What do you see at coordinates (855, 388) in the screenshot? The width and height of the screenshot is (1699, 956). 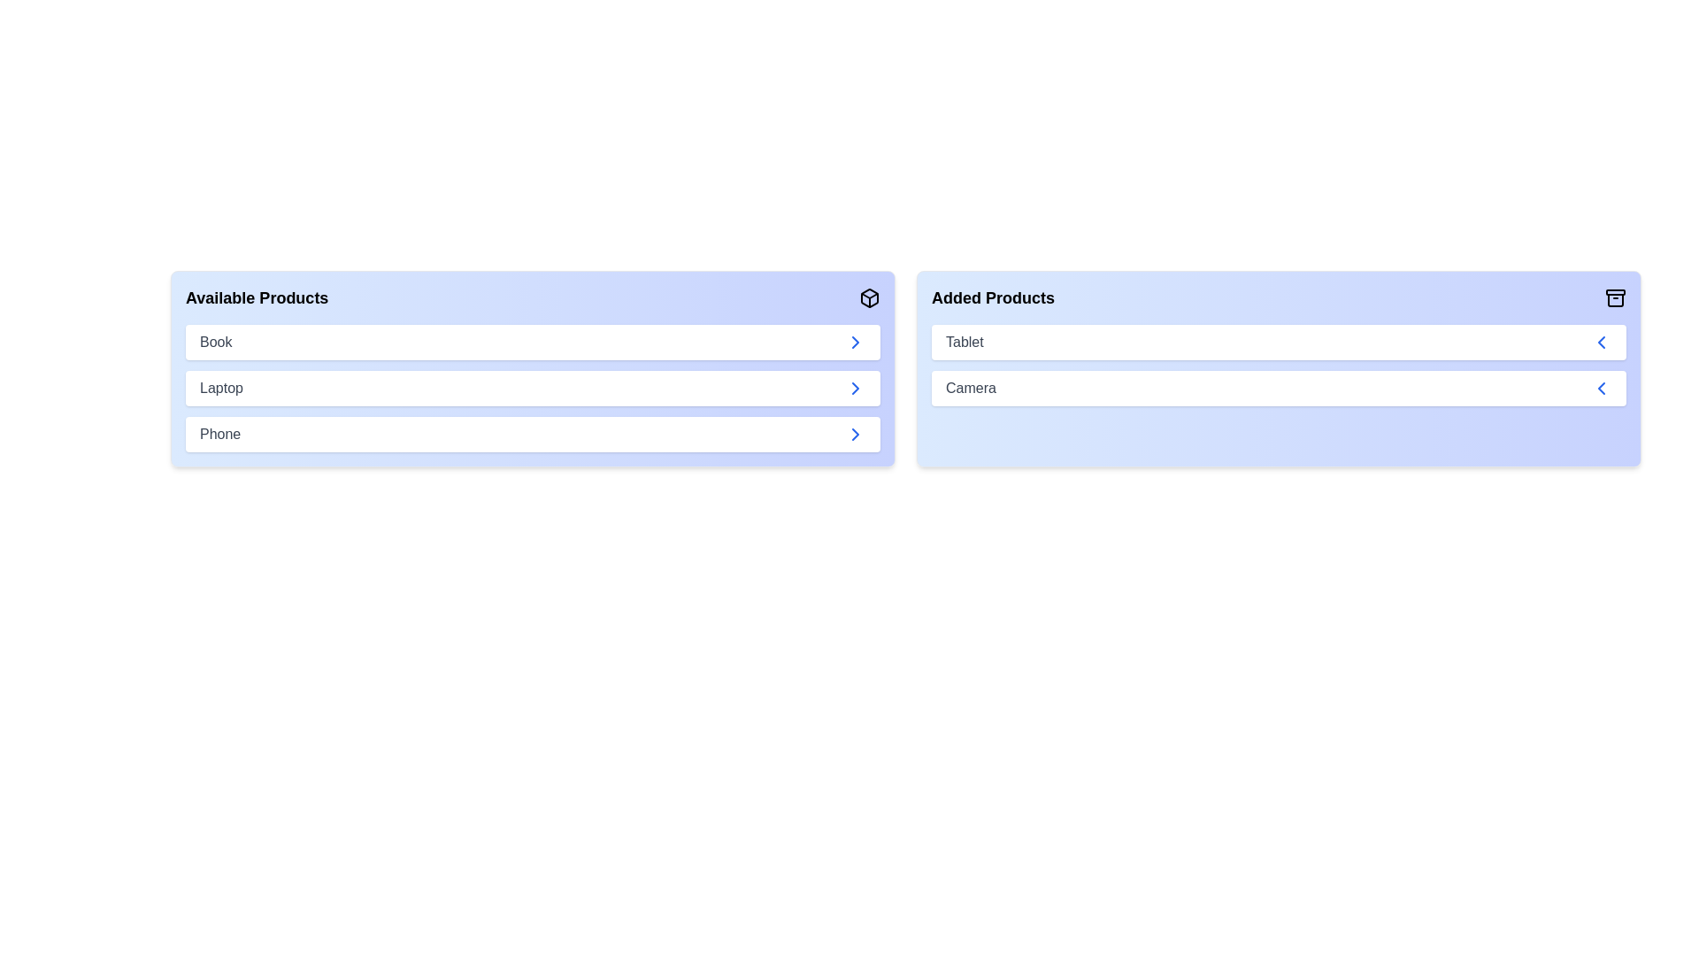 I see `right arrow button next to the product 'Laptop' in the 'Available Products' list to transfer it to the 'Added Products' list` at bounding box center [855, 388].